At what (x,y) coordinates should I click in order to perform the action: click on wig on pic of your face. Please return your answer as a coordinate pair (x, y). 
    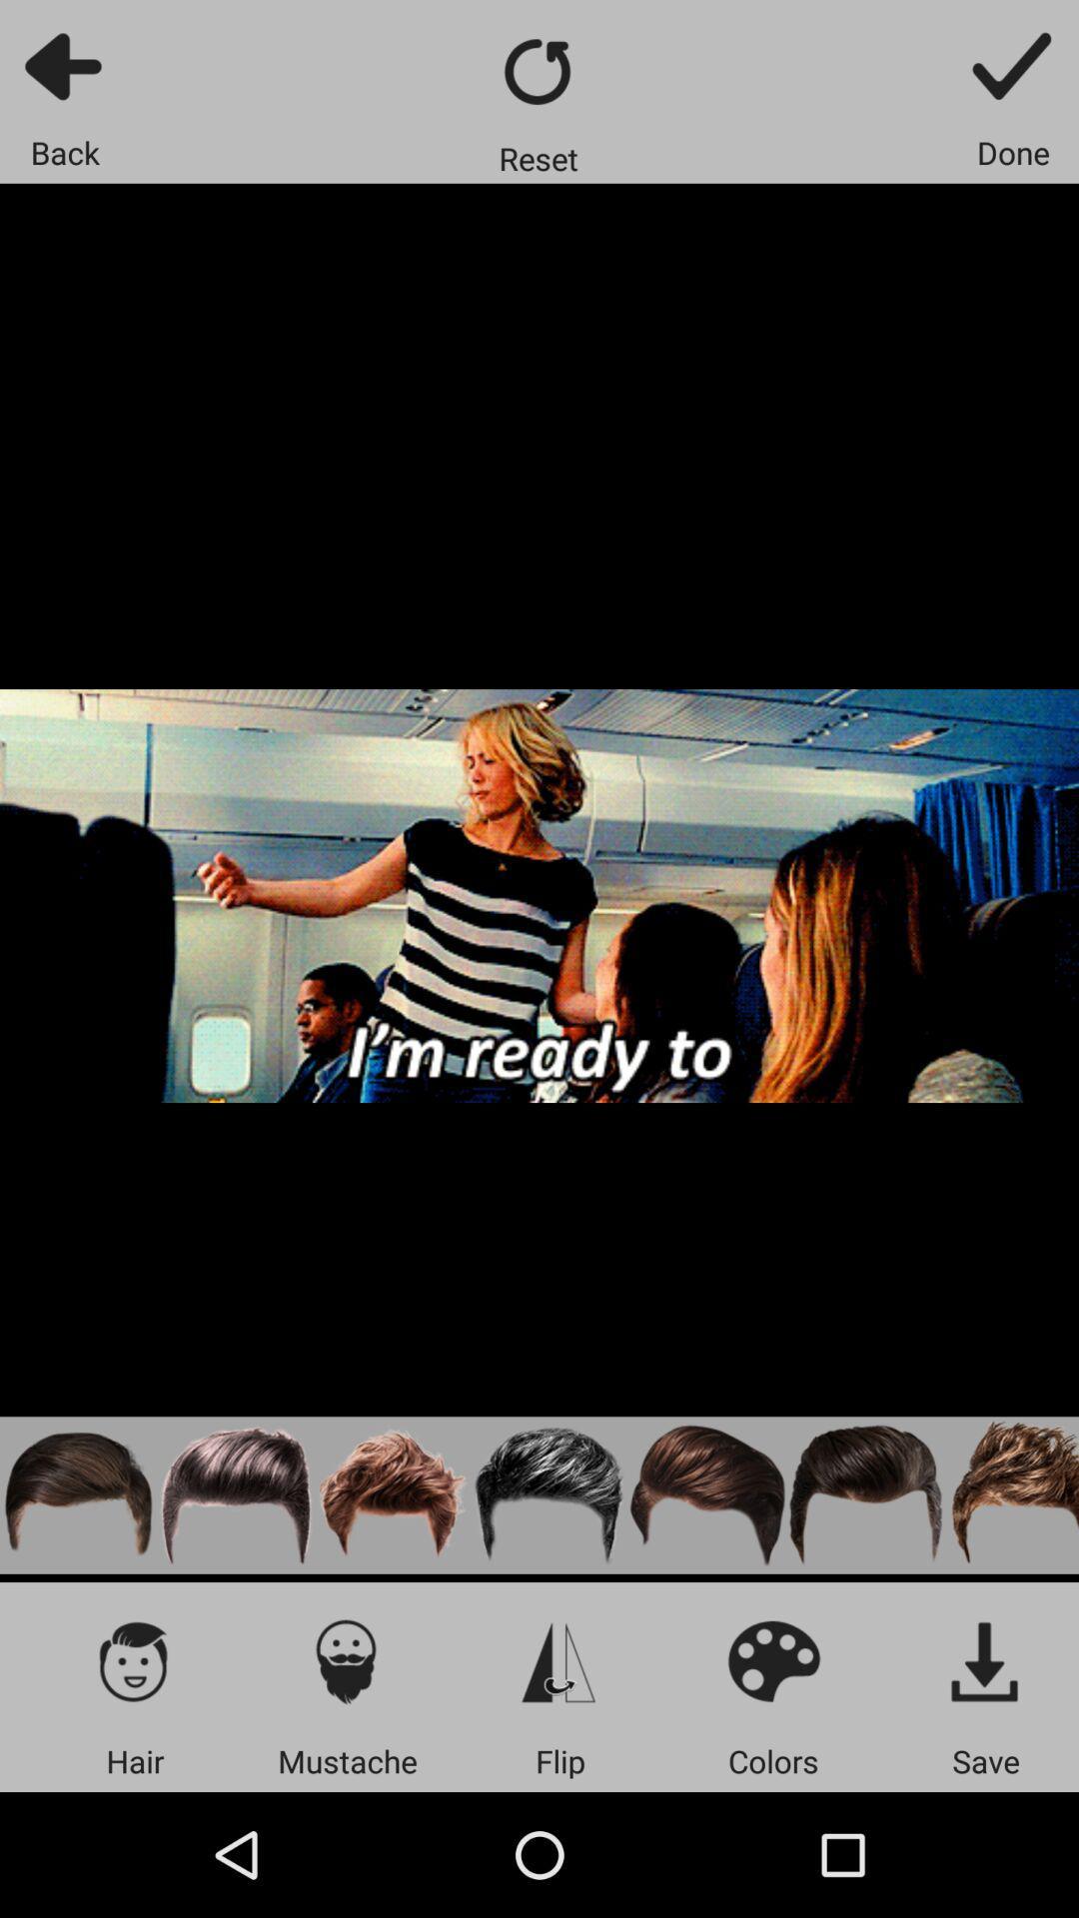
    Looking at the image, I should click on (235, 1495).